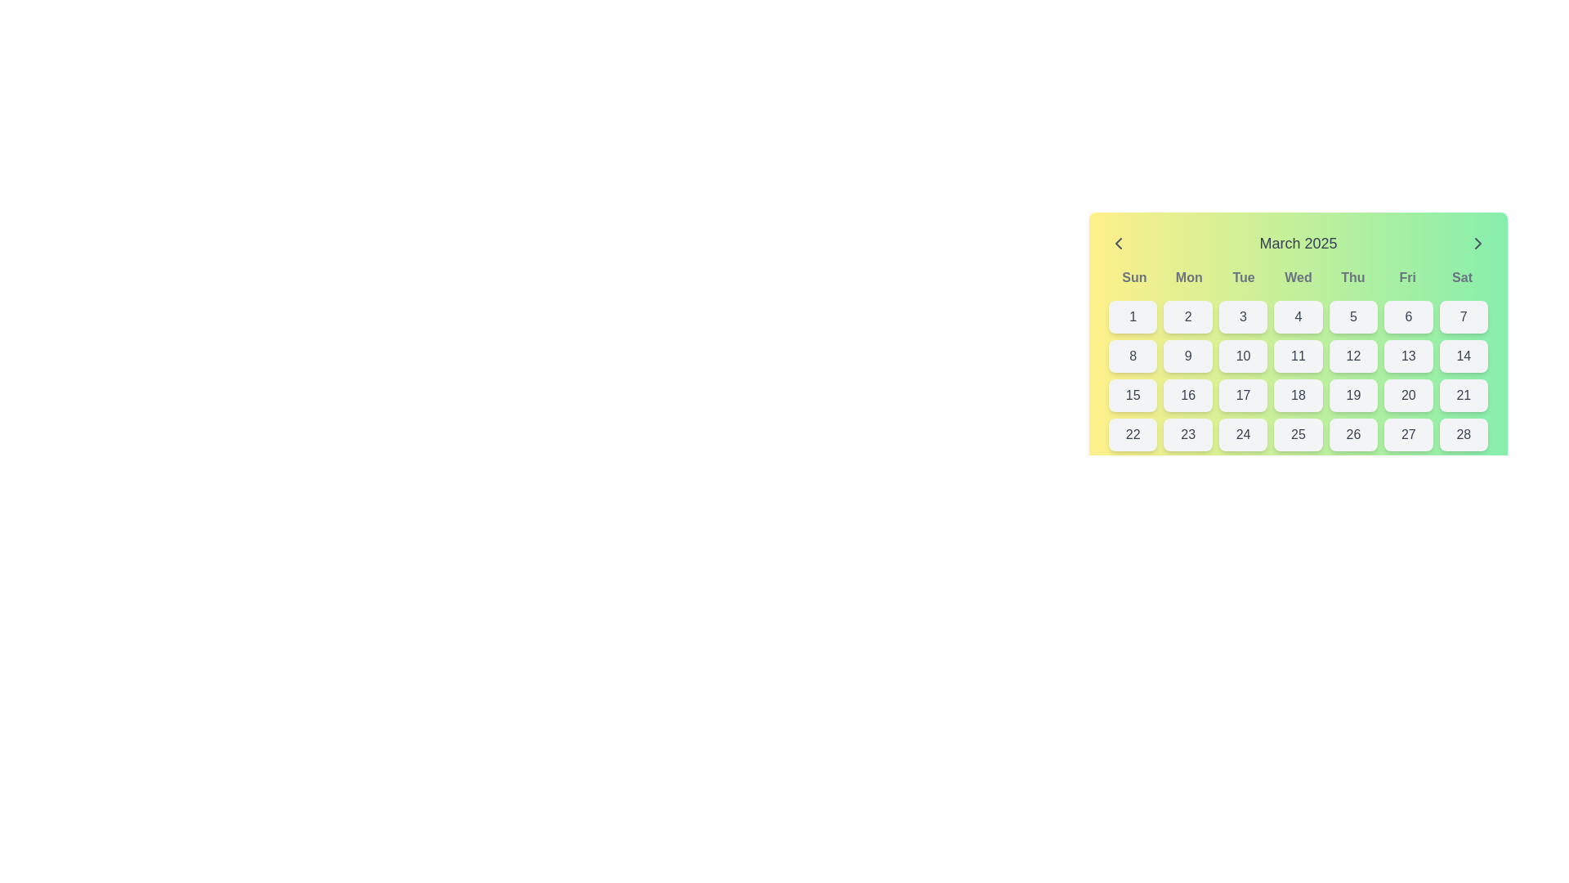 The height and width of the screenshot is (883, 1569). Describe the element at coordinates (1462, 276) in the screenshot. I see `the text label indicating 'Saturday' at the top-right of the calendar widget, which is the last item in the grid of weekday labels` at that location.